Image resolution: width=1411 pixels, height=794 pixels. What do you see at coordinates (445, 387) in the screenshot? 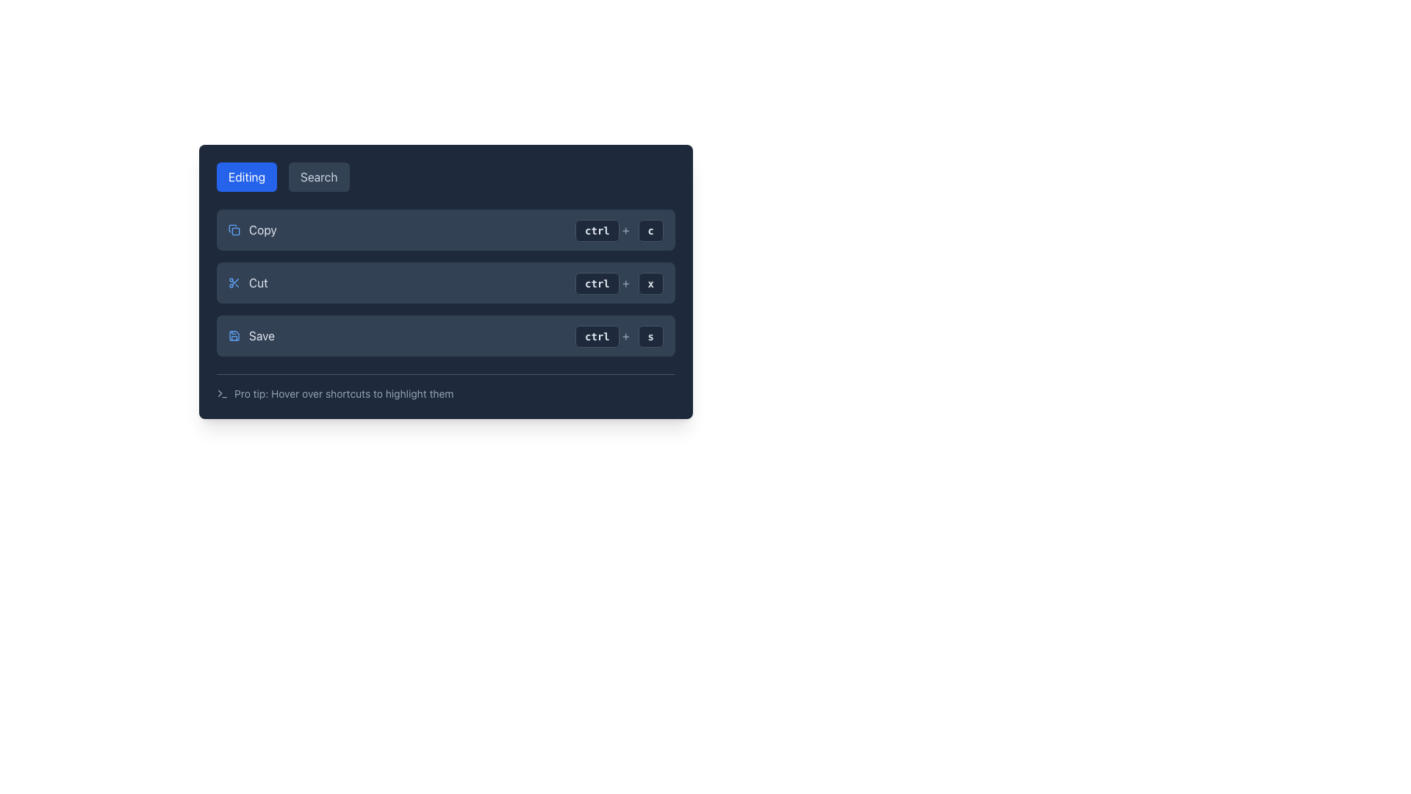
I see `the informational text element that provides the tip 'Pro tip: Hover over shortcuts` at bounding box center [445, 387].